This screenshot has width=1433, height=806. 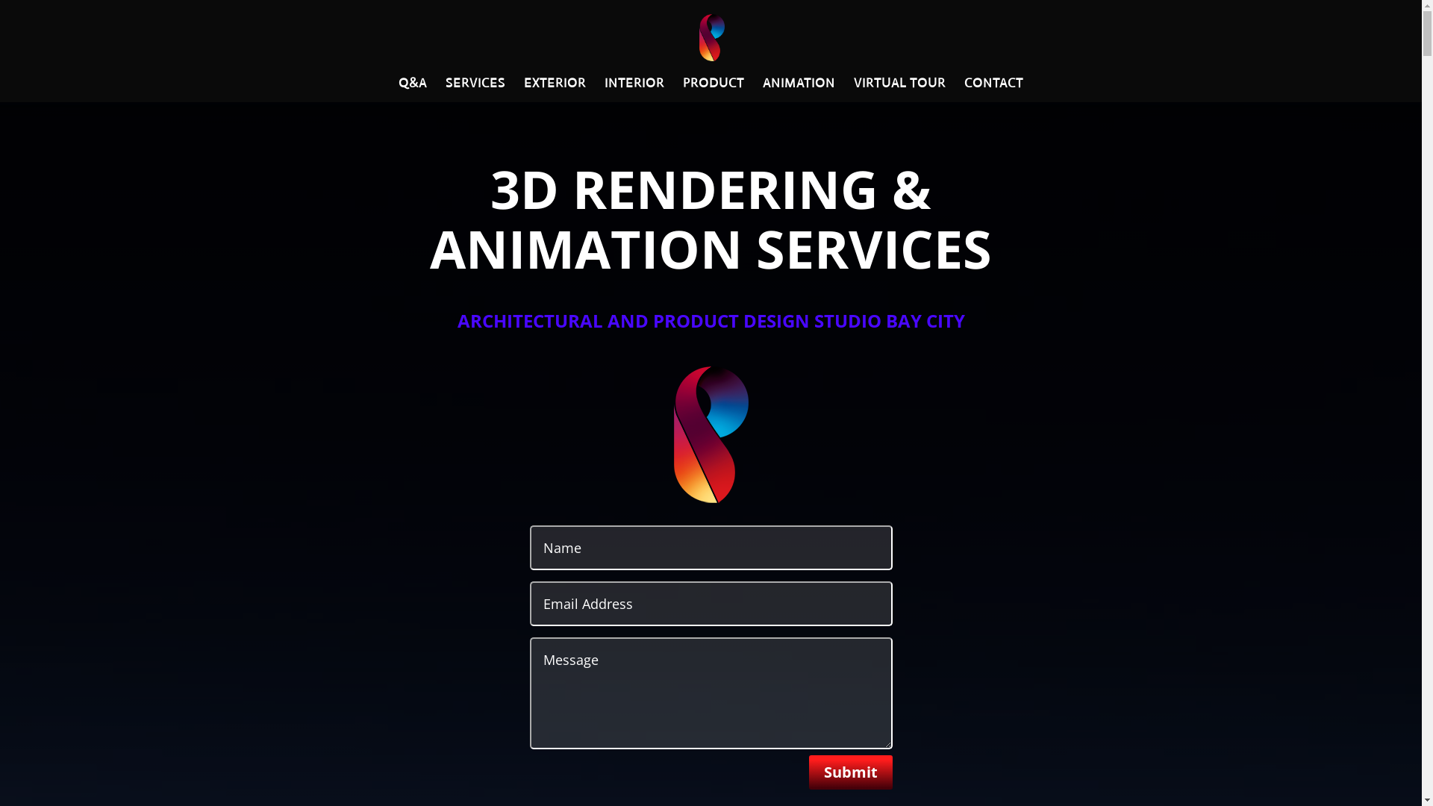 What do you see at coordinates (682, 90) in the screenshot?
I see `'PRODUCT'` at bounding box center [682, 90].